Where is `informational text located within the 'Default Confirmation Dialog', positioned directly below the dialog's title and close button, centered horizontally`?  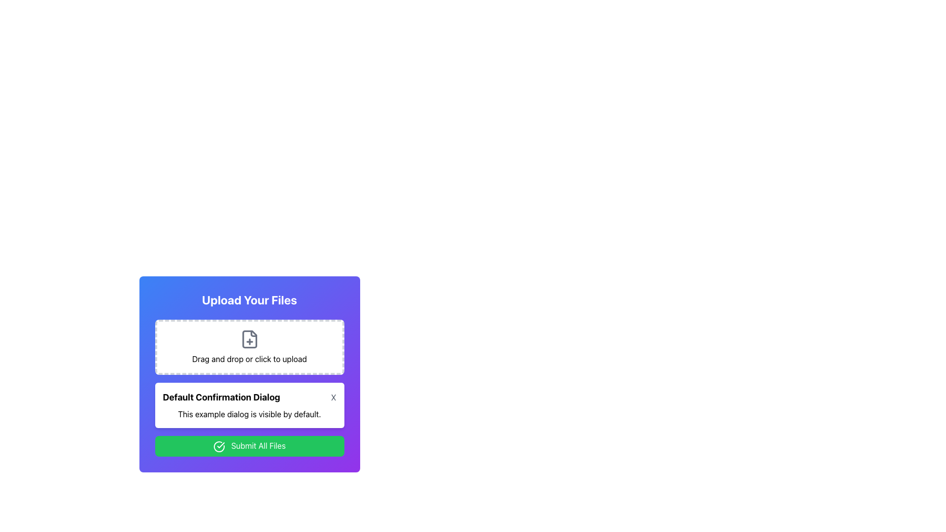 informational text located within the 'Default Confirmation Dialog', positioned directly below the dialog's title and close button, centered horizontally is located at coordinates (249, 414).